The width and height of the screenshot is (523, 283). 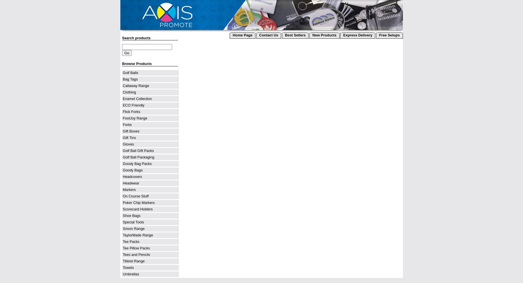 I want to click on 'Headwear', so click(x=131, y=183).